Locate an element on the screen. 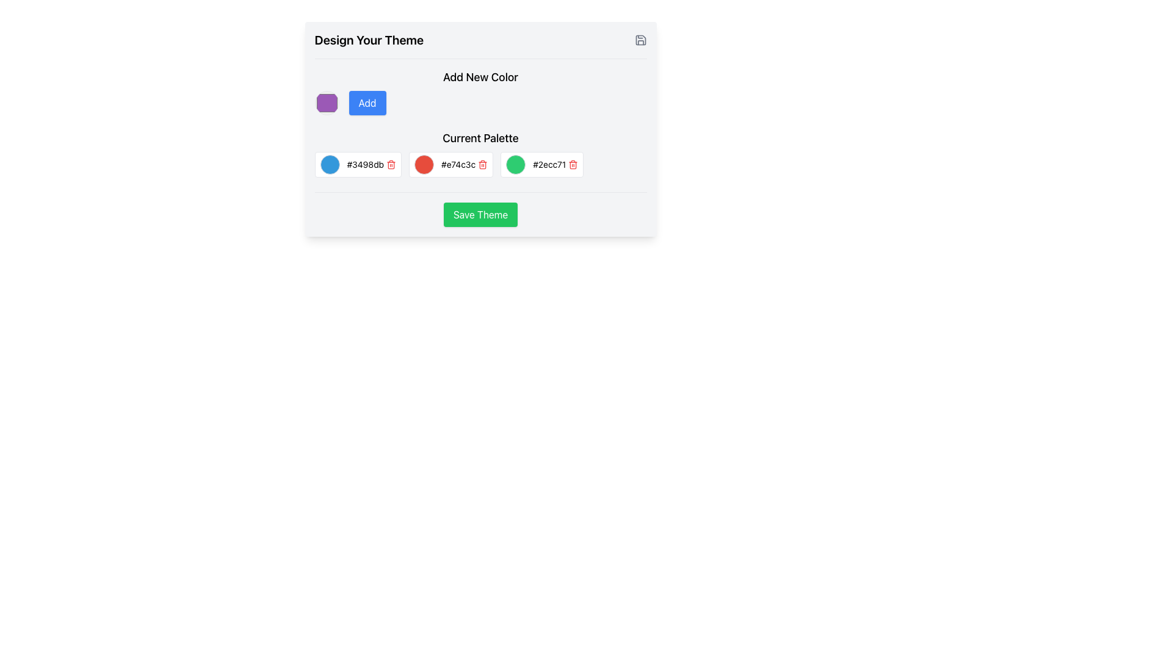 The image size is (1172, 659). the floppy disk icon in the top-right corner of the 'Design Your Theme' panel is located at coordinates (640, 39).